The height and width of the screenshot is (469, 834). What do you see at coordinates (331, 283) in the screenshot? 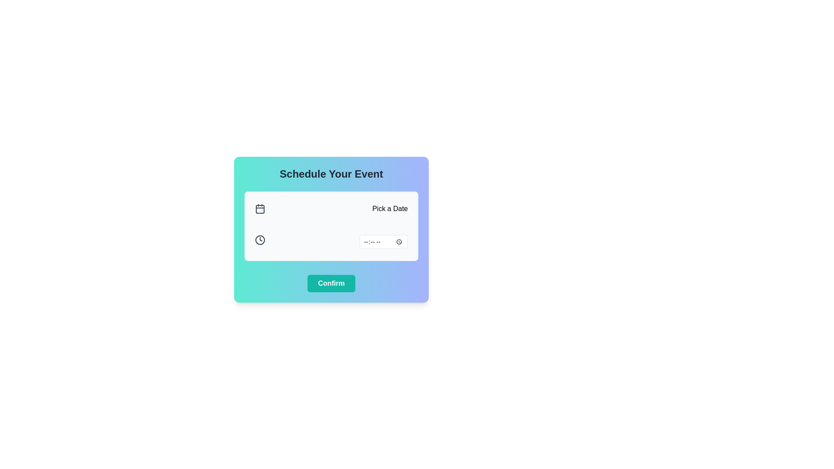
I see `the confirm button located at the bottom center of the 'Schedule Your Event' modal to confirm the action` at bounding box center [331, 283].